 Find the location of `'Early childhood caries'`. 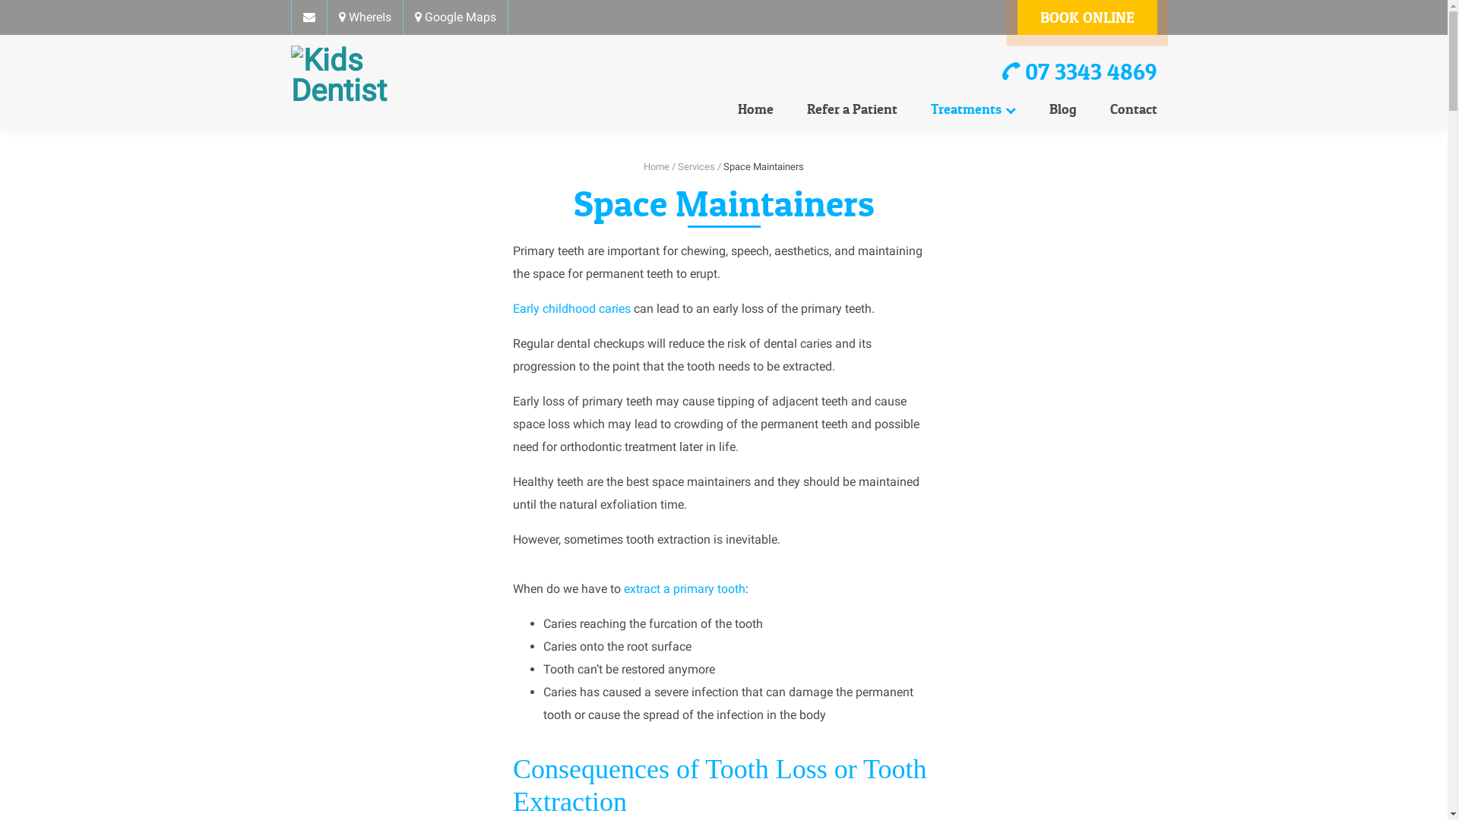

'Early childhood caries' is located at coordinates (571, 307).